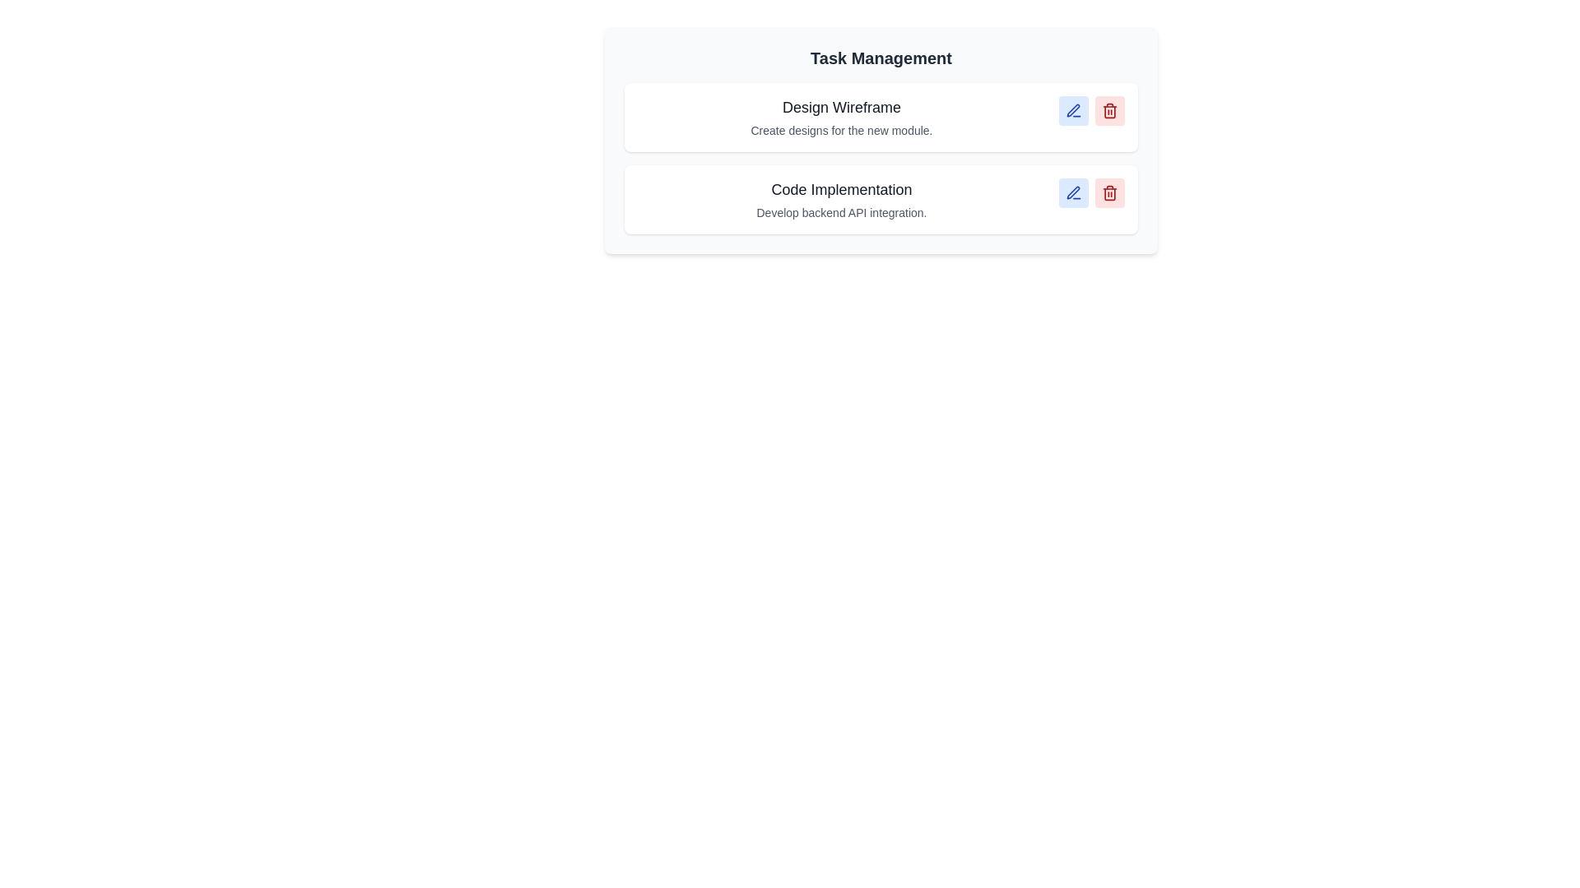  What do you see at coordinates (1074, 111) in the screenshot?
I see `edit button for the task with title Design Wireframe` at bounding box center [1074, 111].